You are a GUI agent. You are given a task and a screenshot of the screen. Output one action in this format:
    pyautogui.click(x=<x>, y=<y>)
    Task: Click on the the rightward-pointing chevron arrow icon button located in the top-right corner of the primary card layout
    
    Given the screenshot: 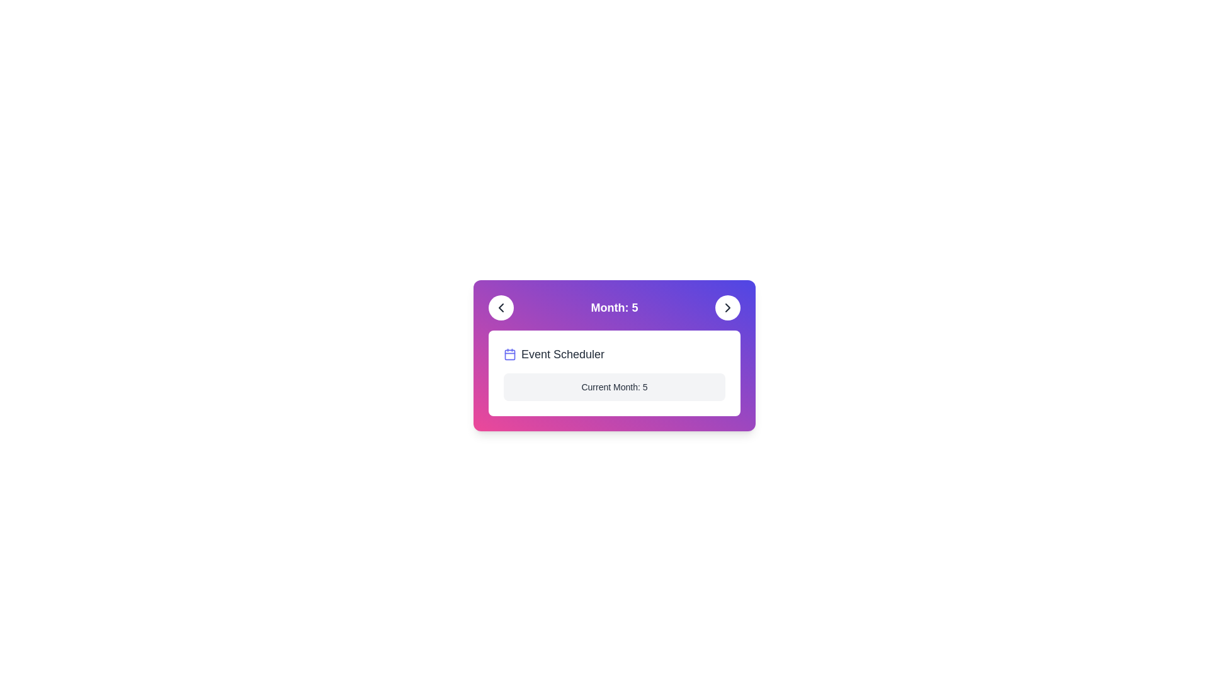 What is the action you would take?
    pyautogui.click(x=728, y=308)
    